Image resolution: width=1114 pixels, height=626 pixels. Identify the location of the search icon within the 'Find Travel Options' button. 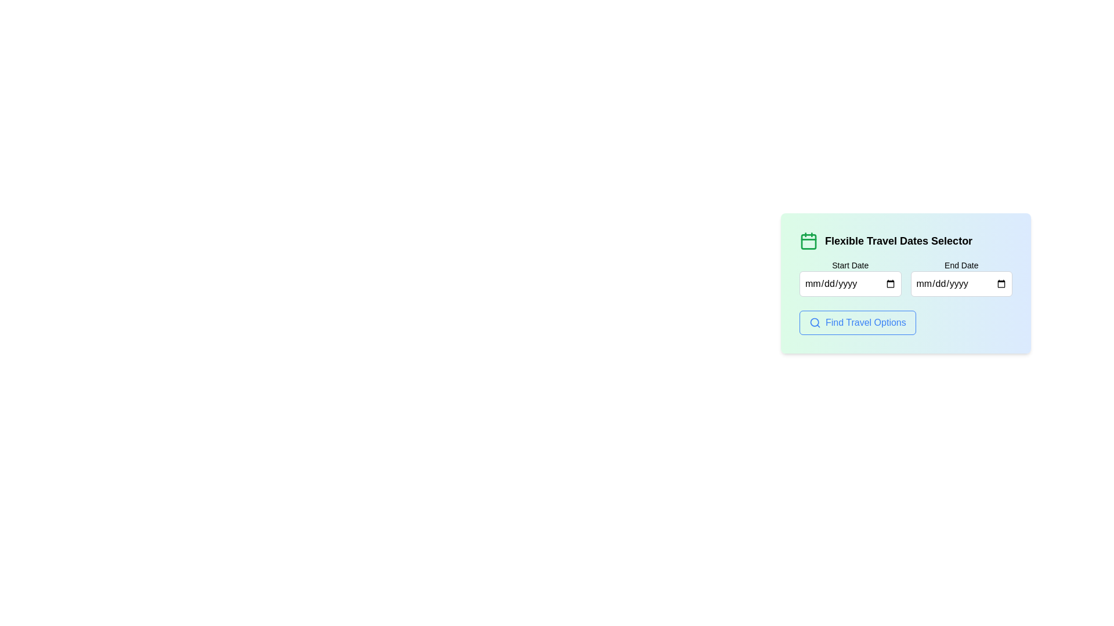
(815, 322).